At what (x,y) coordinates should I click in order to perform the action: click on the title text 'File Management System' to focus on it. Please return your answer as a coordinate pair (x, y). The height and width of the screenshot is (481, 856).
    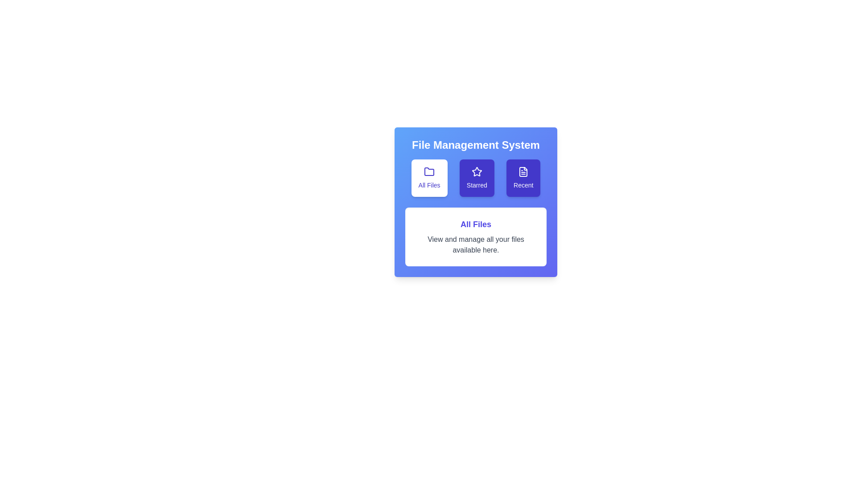
    Looking at the image, I should click on (475, 145).